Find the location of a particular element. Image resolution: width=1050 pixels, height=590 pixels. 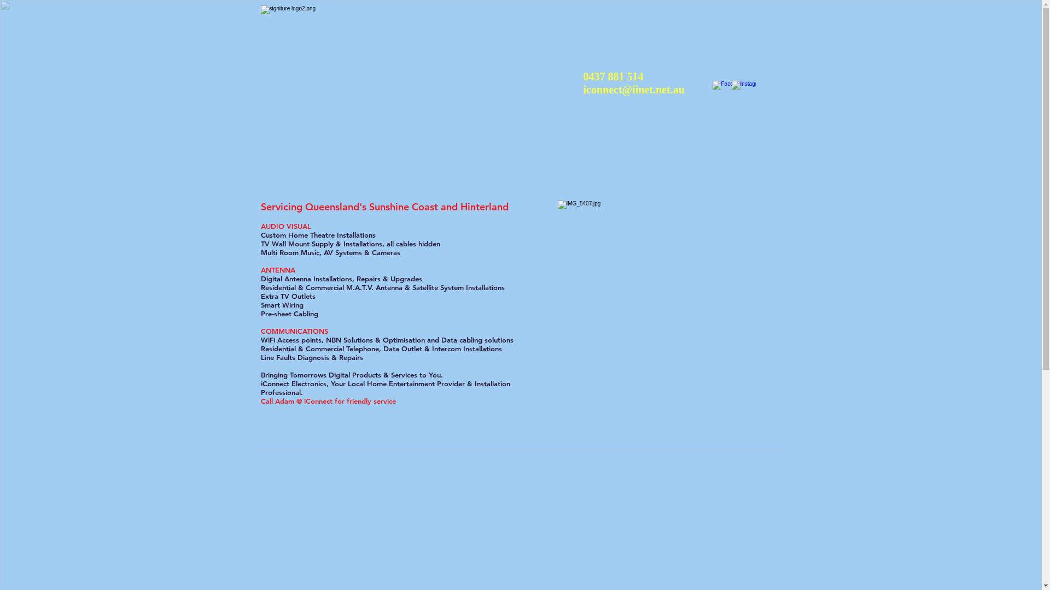

'0437 881 514' is located at coordinates (613, 75).